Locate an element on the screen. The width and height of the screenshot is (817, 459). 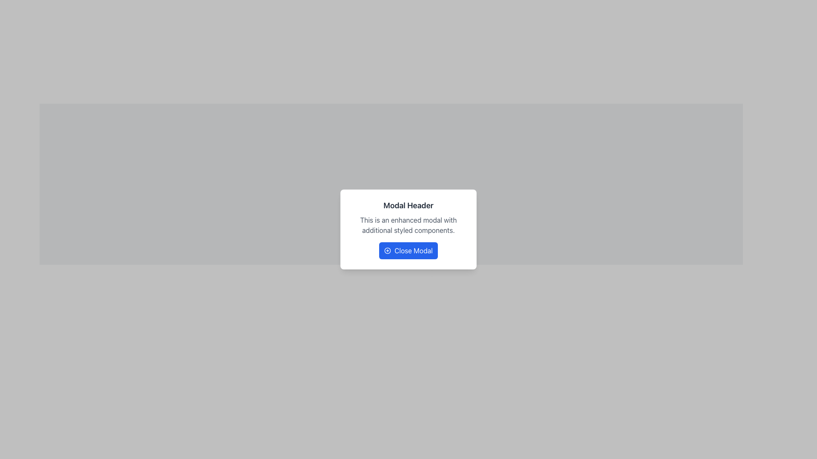
the blue circular icon with a white border, which is located within the 'Close Modal' button and is the leftmost visual icon is located at coordinates (387, 250).